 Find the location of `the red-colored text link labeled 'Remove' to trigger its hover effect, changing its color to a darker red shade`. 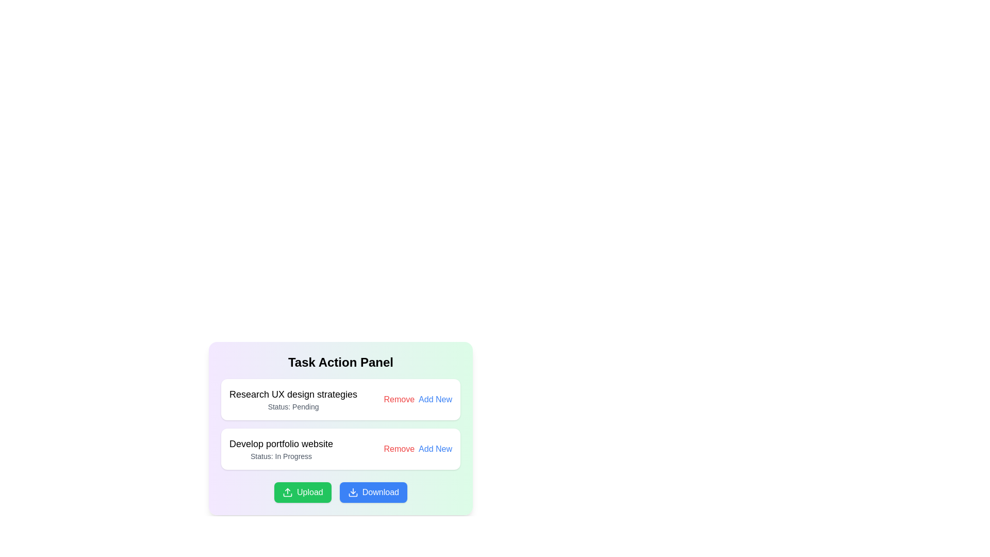

the red-colored text link labeled 'Remove' to trigger its hover effect, changing its color to a darker red shade is located at coordinates (399, 449).